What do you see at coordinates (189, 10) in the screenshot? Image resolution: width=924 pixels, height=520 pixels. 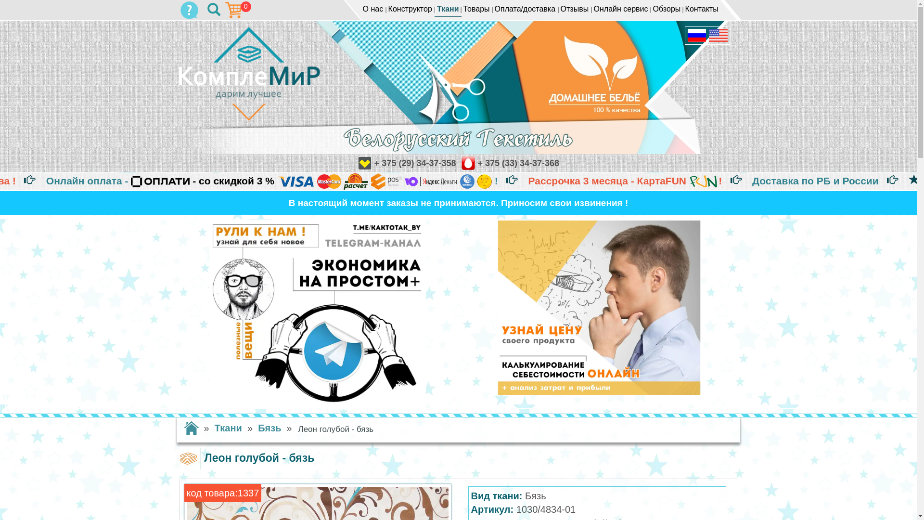 I see `'0'` at bounding box center [189, 10].